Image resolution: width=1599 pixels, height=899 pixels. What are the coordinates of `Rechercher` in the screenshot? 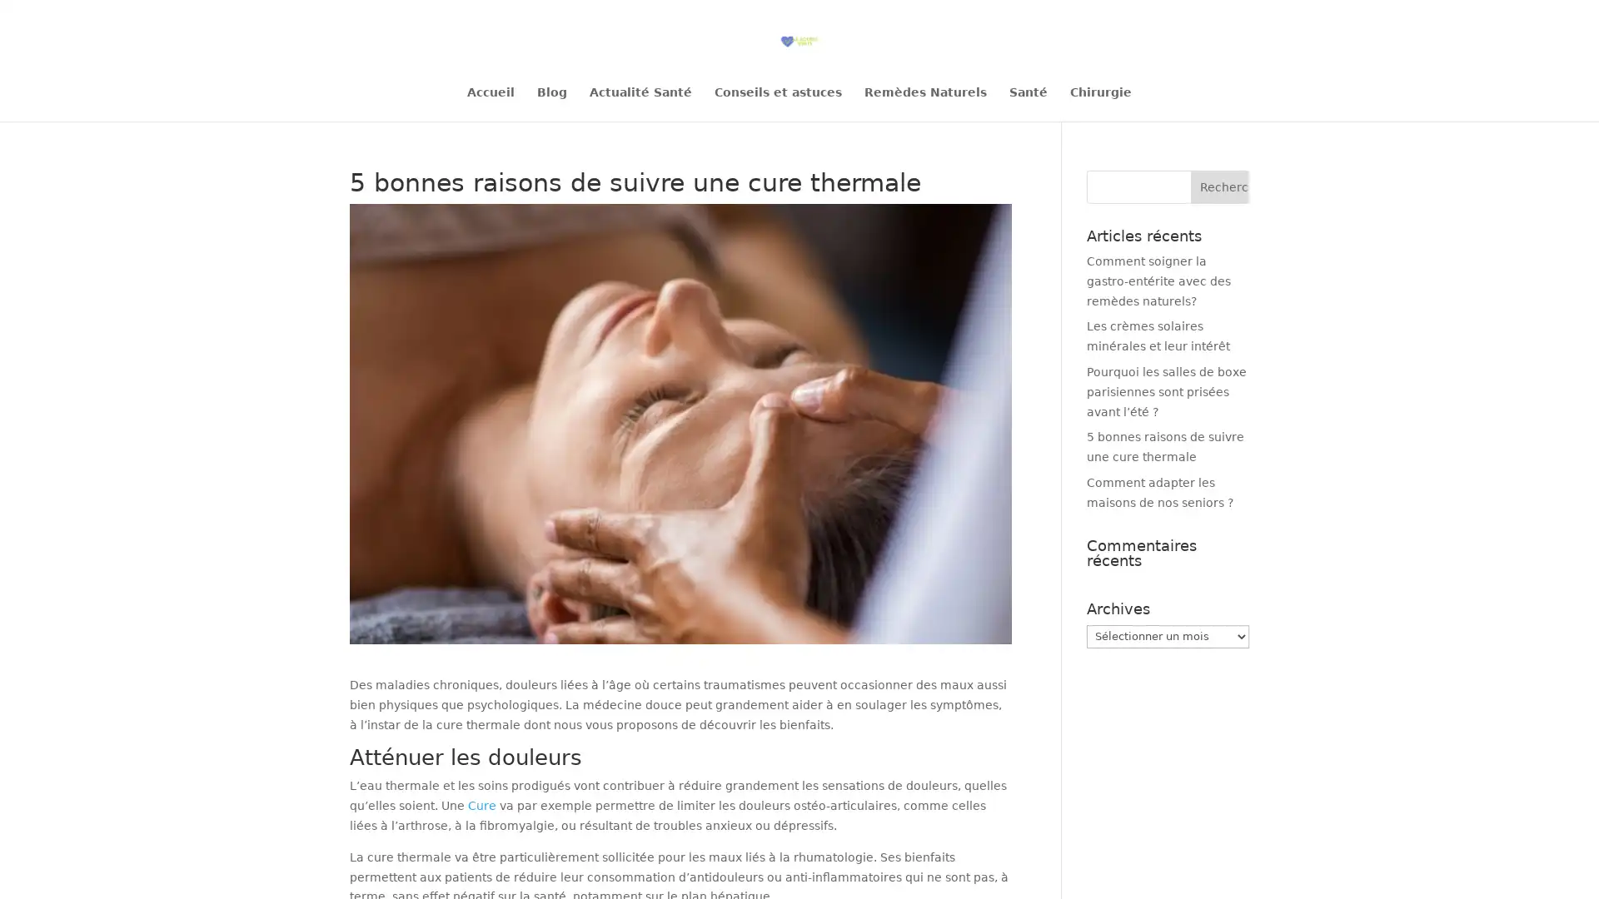 It's located at (1219, 186).